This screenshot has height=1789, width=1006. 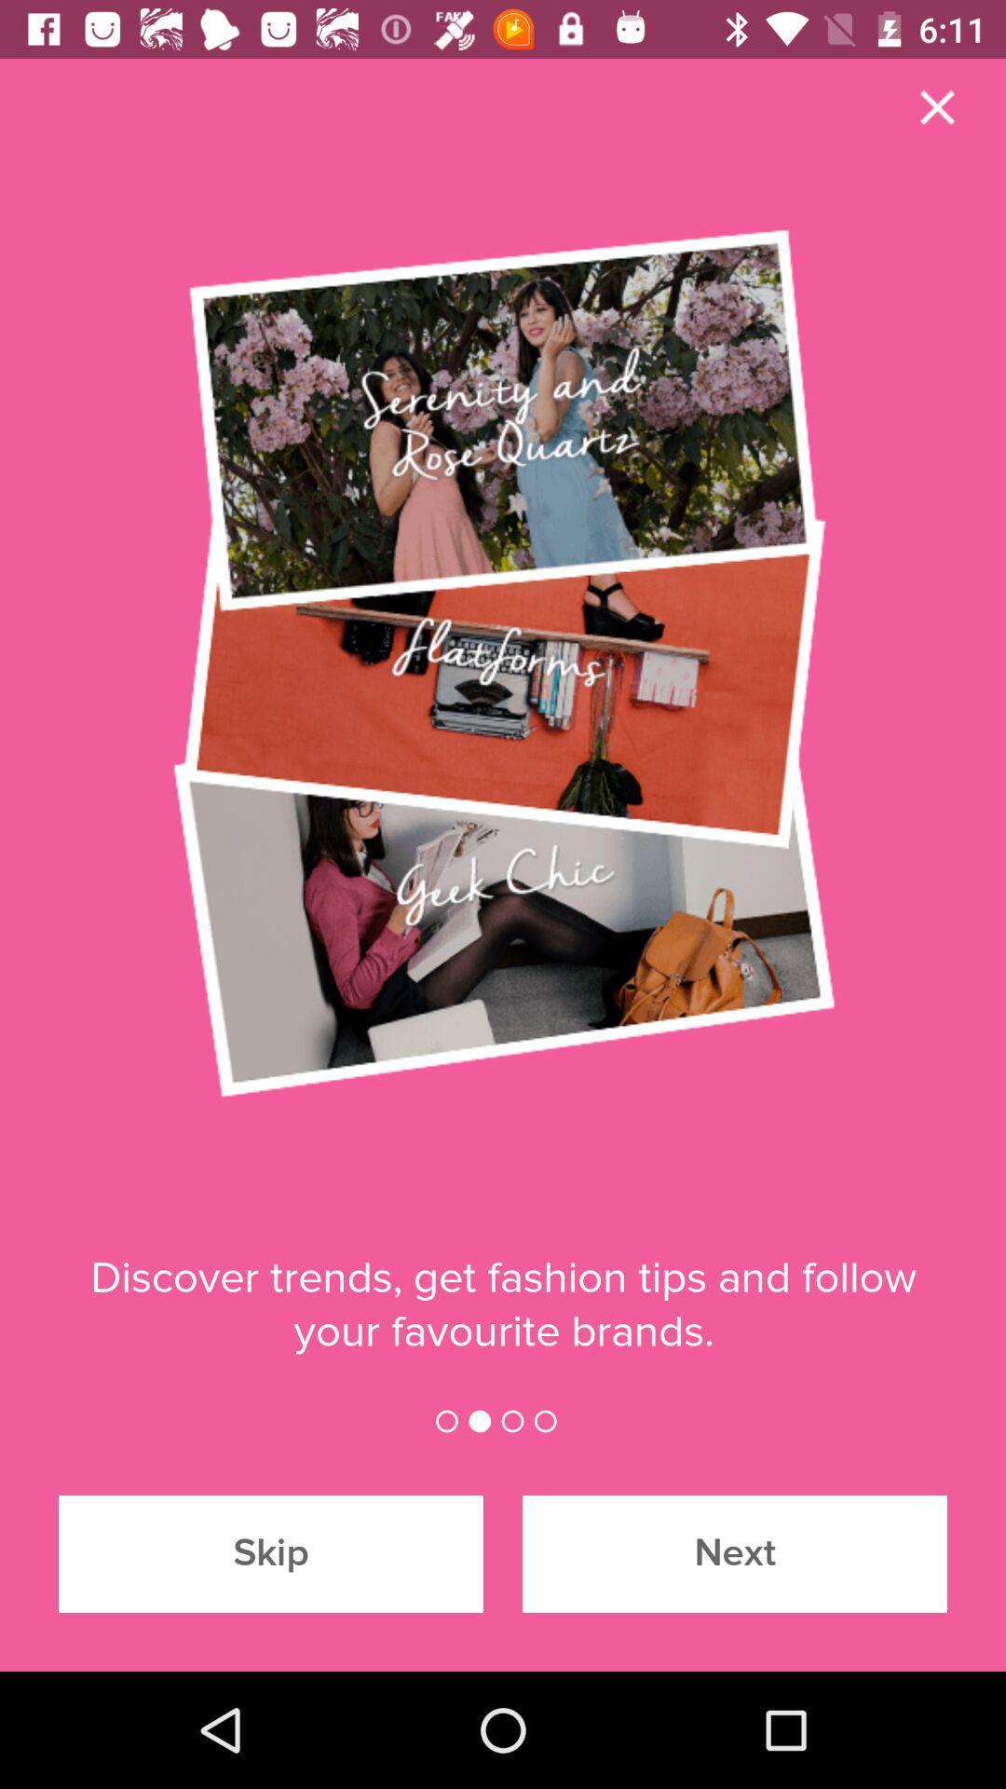 I want to click on the close icon, so click(x=937, y=106).